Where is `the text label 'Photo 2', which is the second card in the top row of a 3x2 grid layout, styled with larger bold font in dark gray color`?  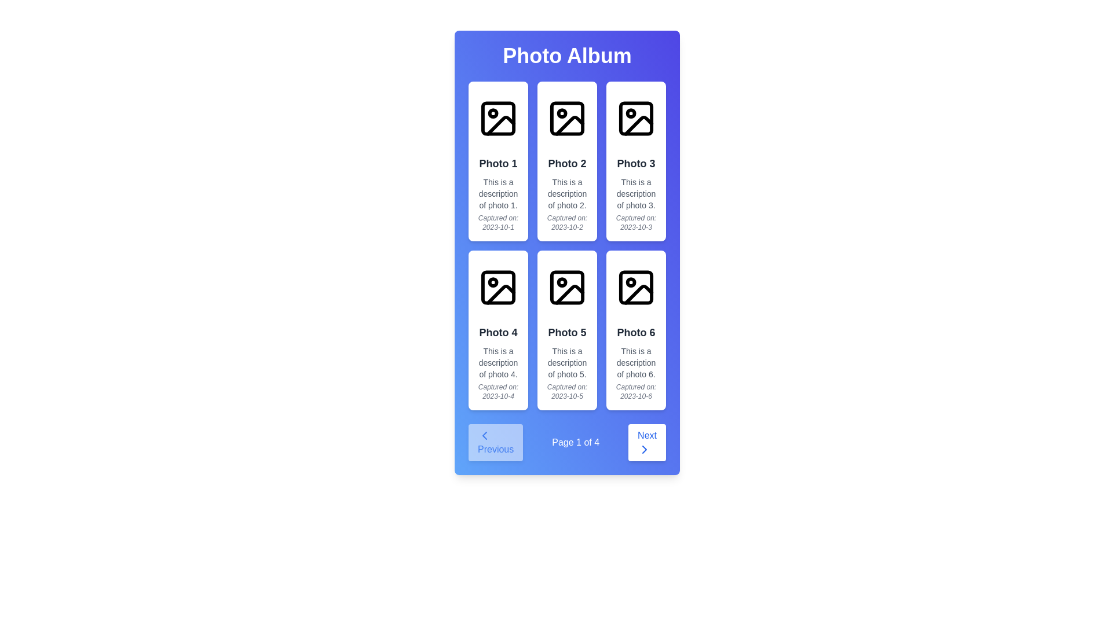 the text label 'Photo 2', which is the second card in the top row of a 3x2 grid layout, styled with larger bold font in dark gray color is located at coordinates (567, 163).